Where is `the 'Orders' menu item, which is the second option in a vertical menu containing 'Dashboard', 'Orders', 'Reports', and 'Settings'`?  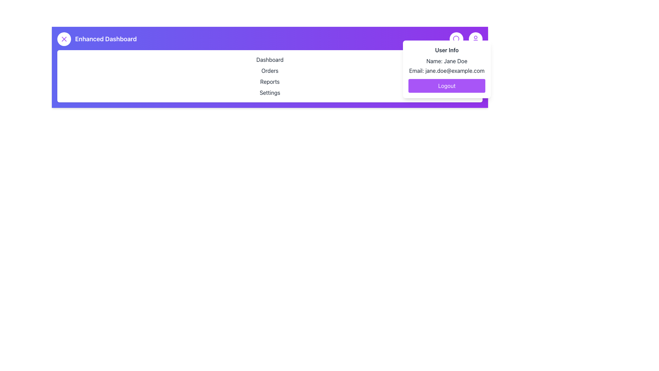
the 'Orders' menu item, which is the second option in a vertical menu containing 'Dashboard', 'Orders', 'Reports', and 'Settings' is located at coordinates (269, 70).